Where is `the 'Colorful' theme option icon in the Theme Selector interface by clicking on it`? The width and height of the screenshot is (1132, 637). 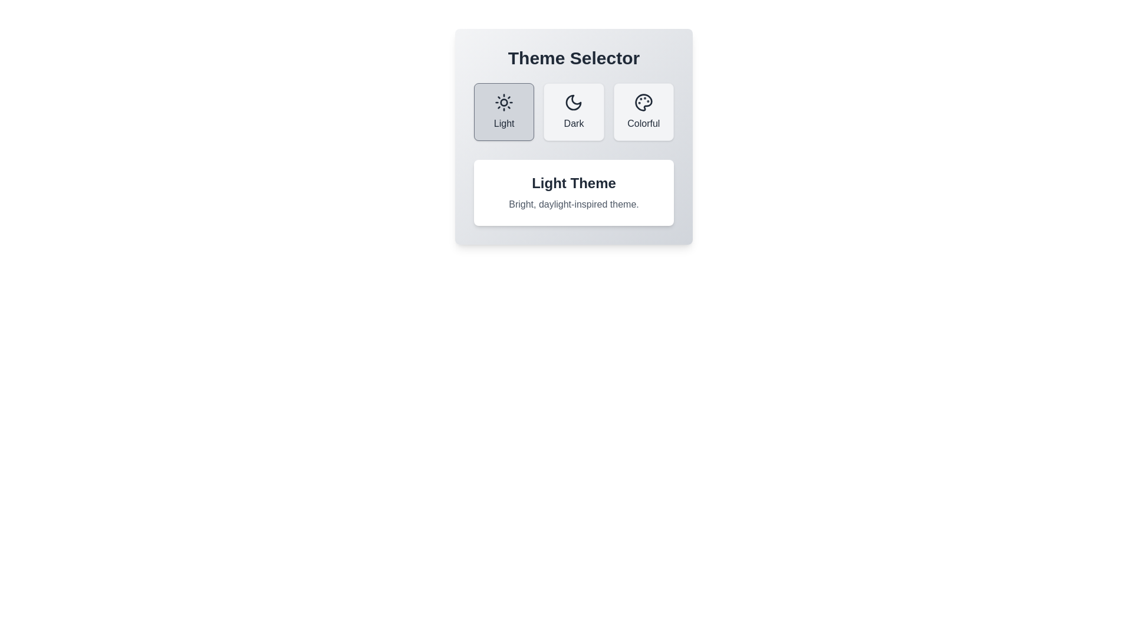 the 'Colorful' theme option icon in the Theme Selector interface by clicking on it is located at coordinates (643, 101).